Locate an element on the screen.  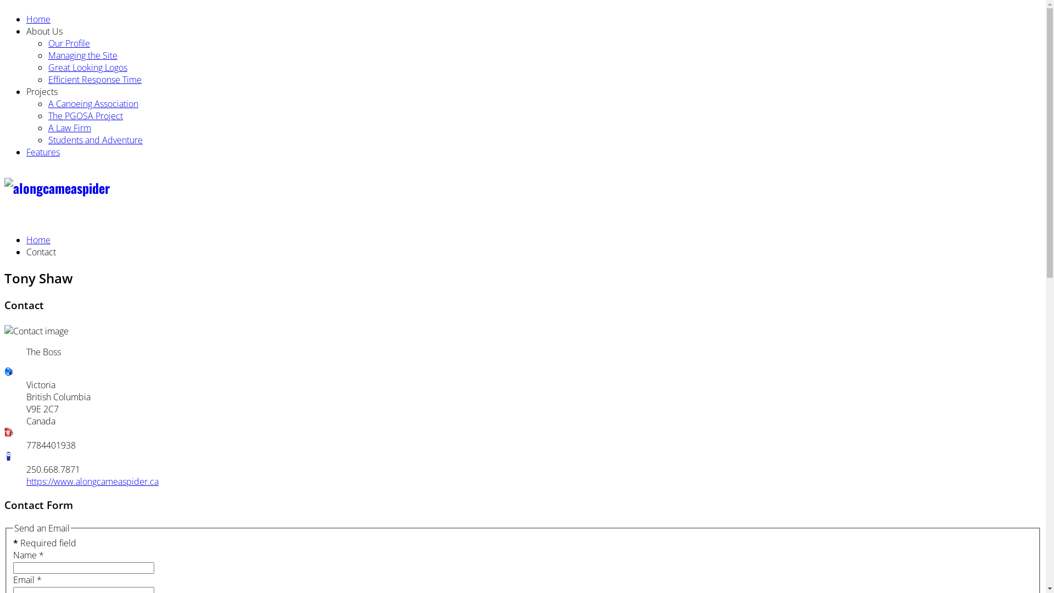
'The PGOSA Project' is located at coordinates (47, 116).